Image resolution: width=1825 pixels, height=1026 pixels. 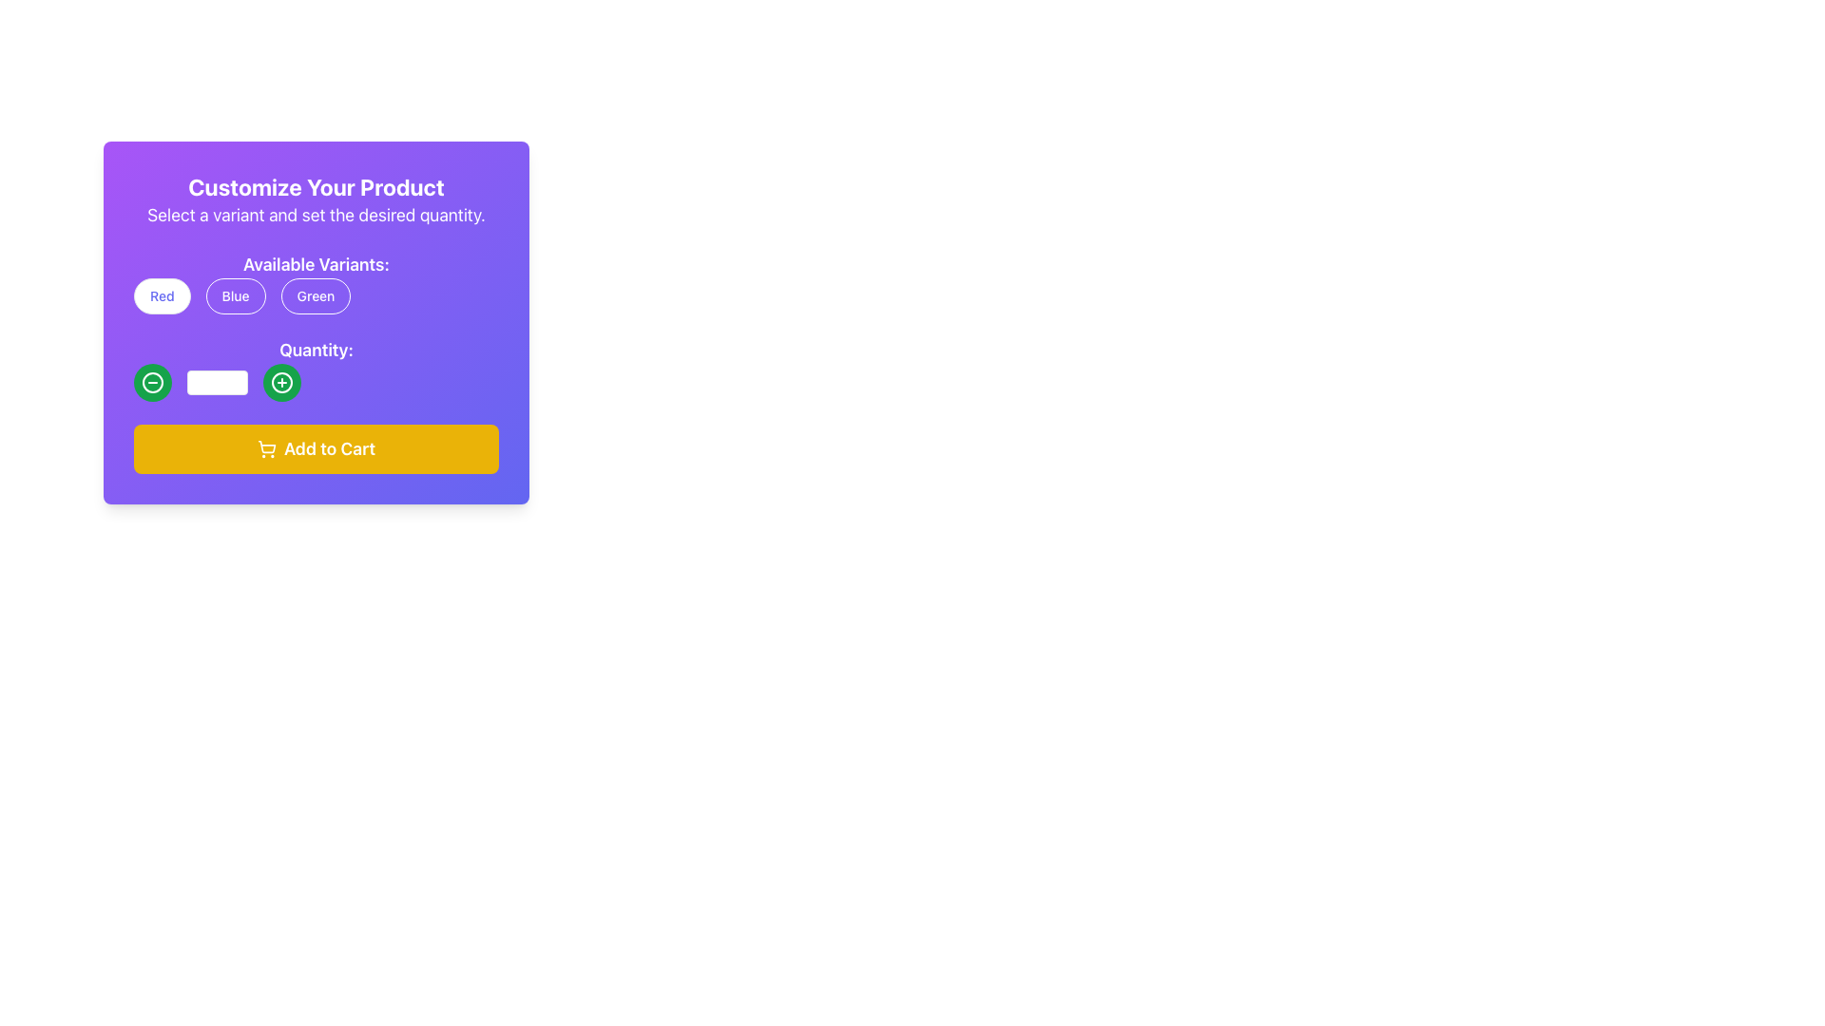 What do you see at coordinates (235, 296) in the screenshot?
I see `the second button in the horizontal group` at bounding box center [235, 296].